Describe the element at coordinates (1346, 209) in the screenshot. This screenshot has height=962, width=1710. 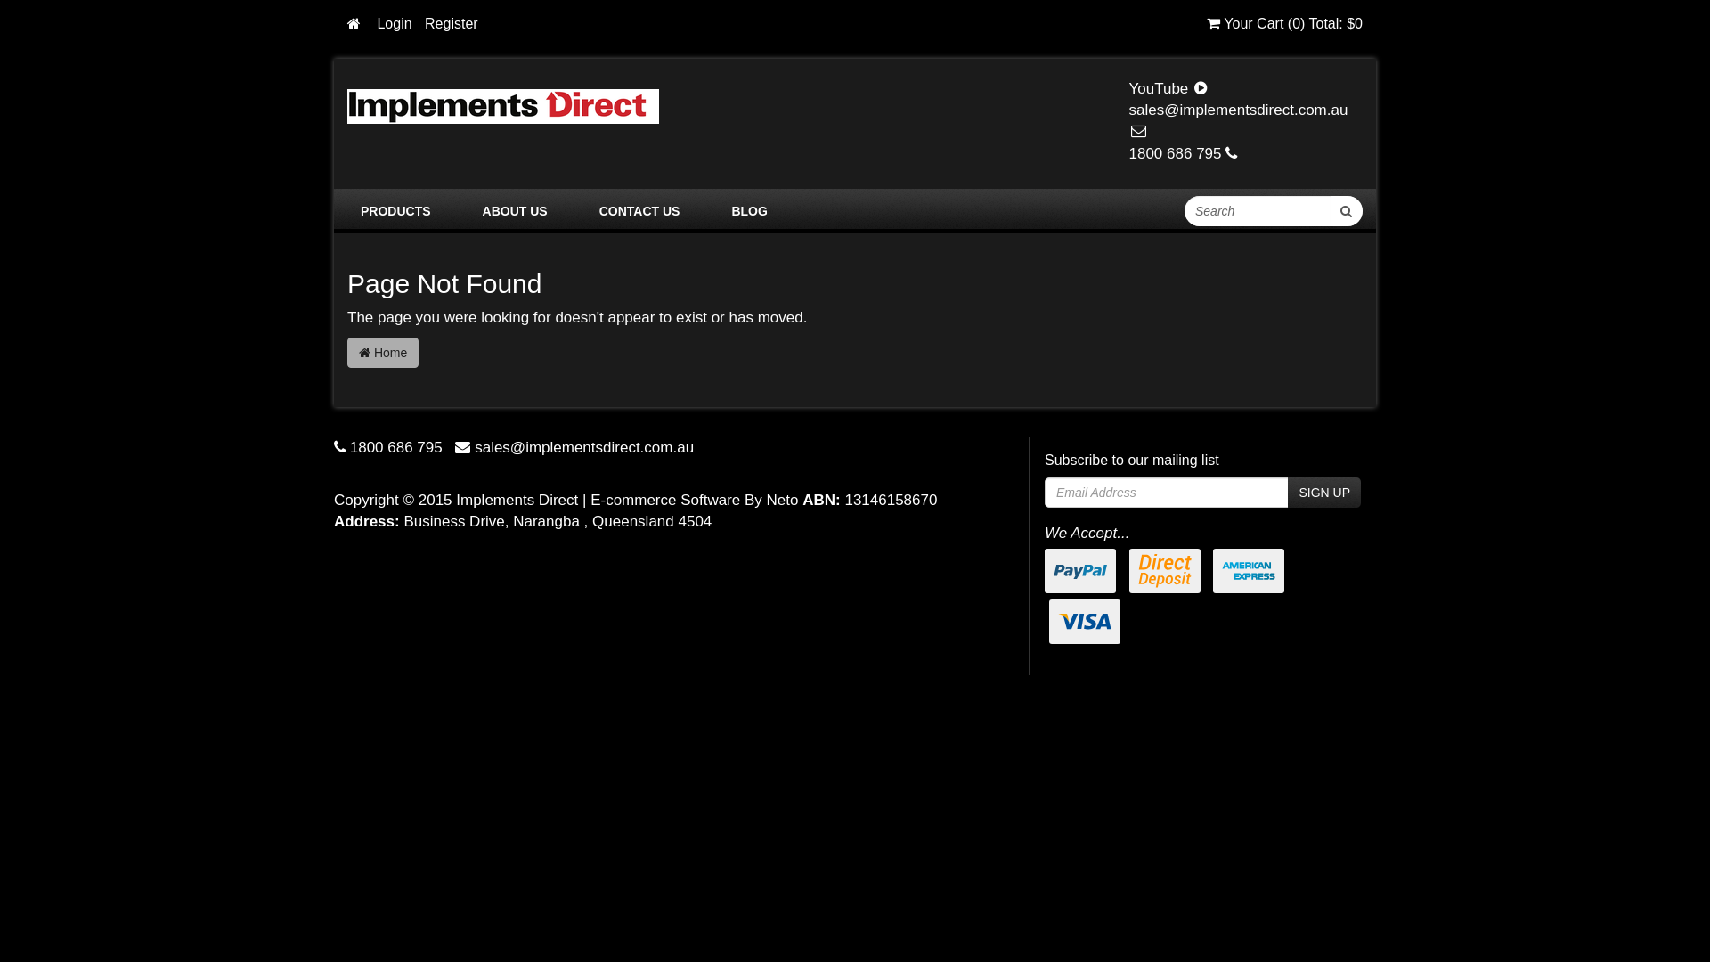
I see `'Search'` at that location.